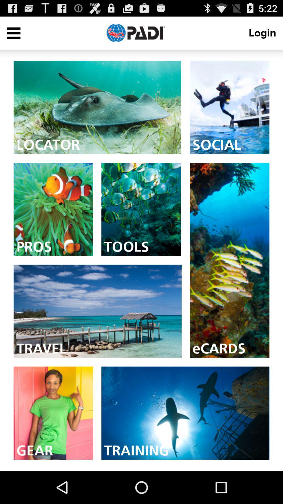 The width and height of the screenshot is (283, 504). Describe the element at coordinates (185, 413) in the screenshot. I see `more information` at that location.